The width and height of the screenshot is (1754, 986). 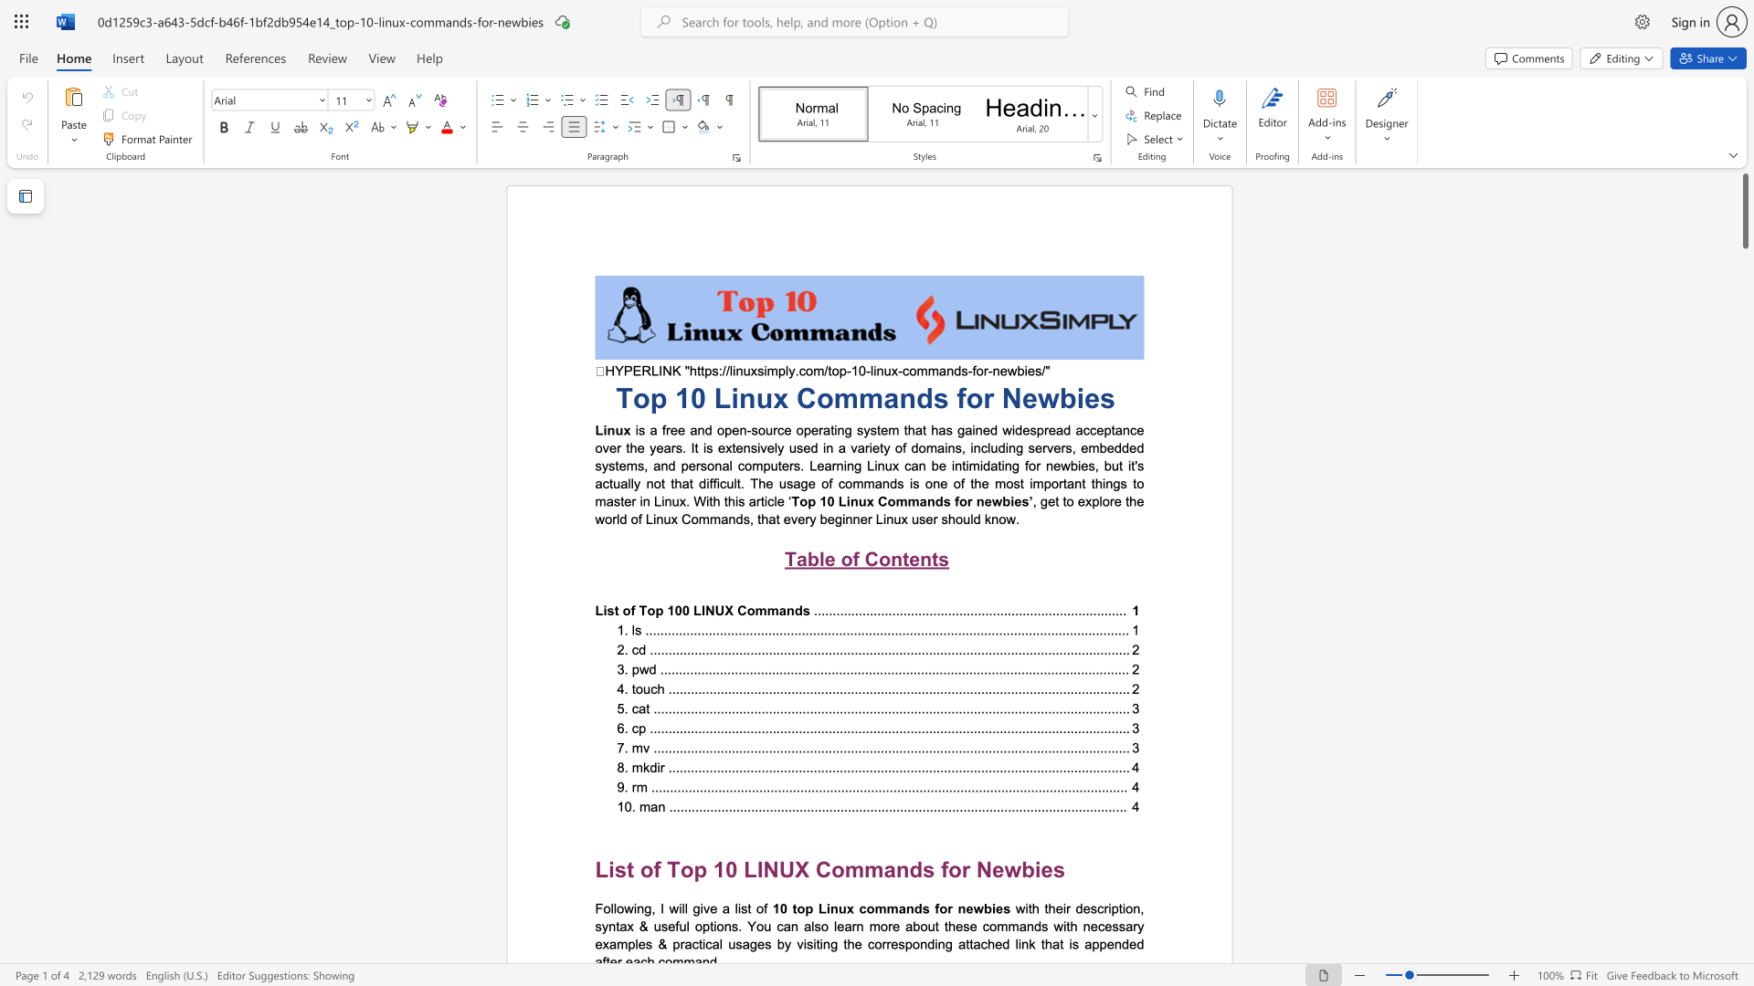 What do you see at coordinates (1744, 456) in the screenshot?
I see `the vertical scrollbar to lower the page content` at bounding box center [1744, 456].